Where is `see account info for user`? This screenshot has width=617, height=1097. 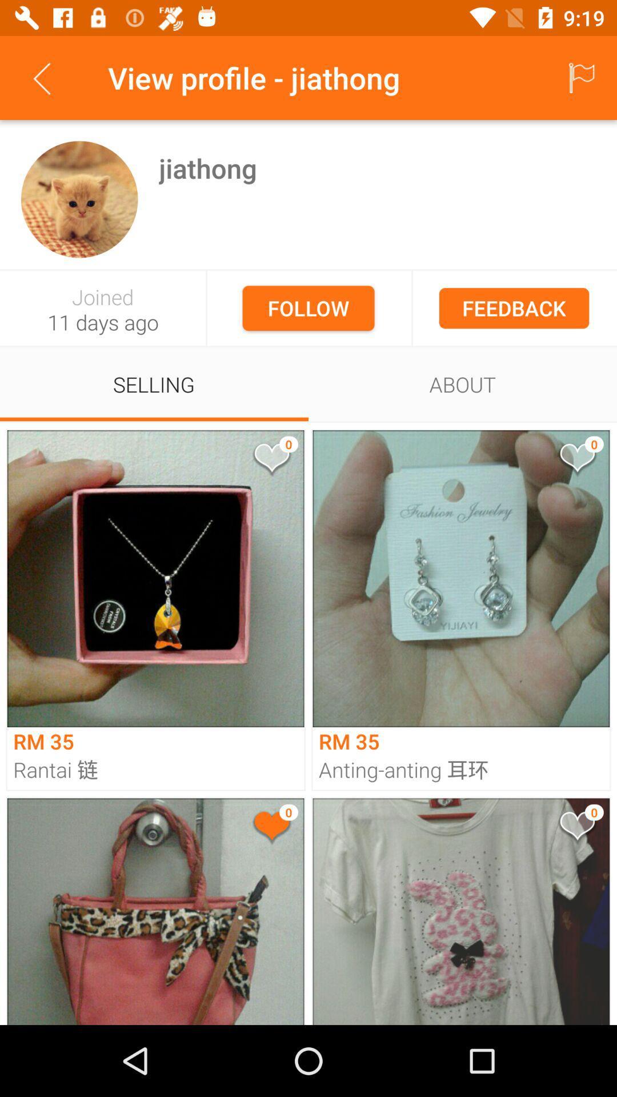 see account info for user is located at coordinates (79, 199).